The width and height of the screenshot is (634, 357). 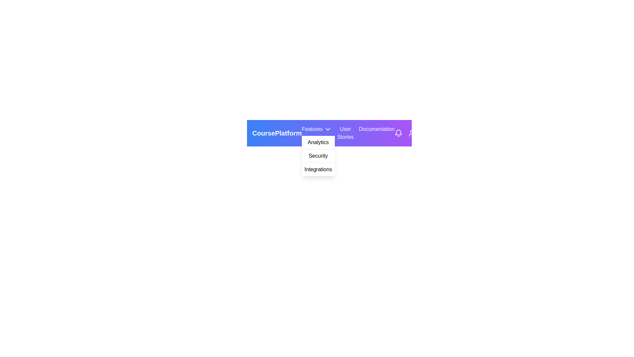 I want to click on the 'Documentation' text label, which is a white font on a purple gradient background, located in the top-right part of the navigation bar, so click(x=376, y=133).